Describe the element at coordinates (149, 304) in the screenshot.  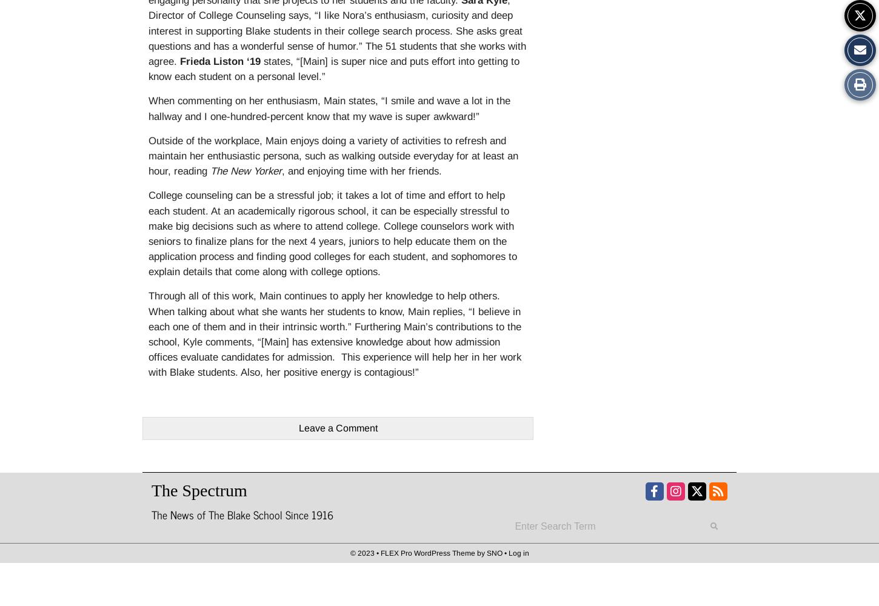
I see `'Through all of this work, Main continues to apply her knowledge to help others. When talking about what she wants her students to know, Main replies, “'` at that location.